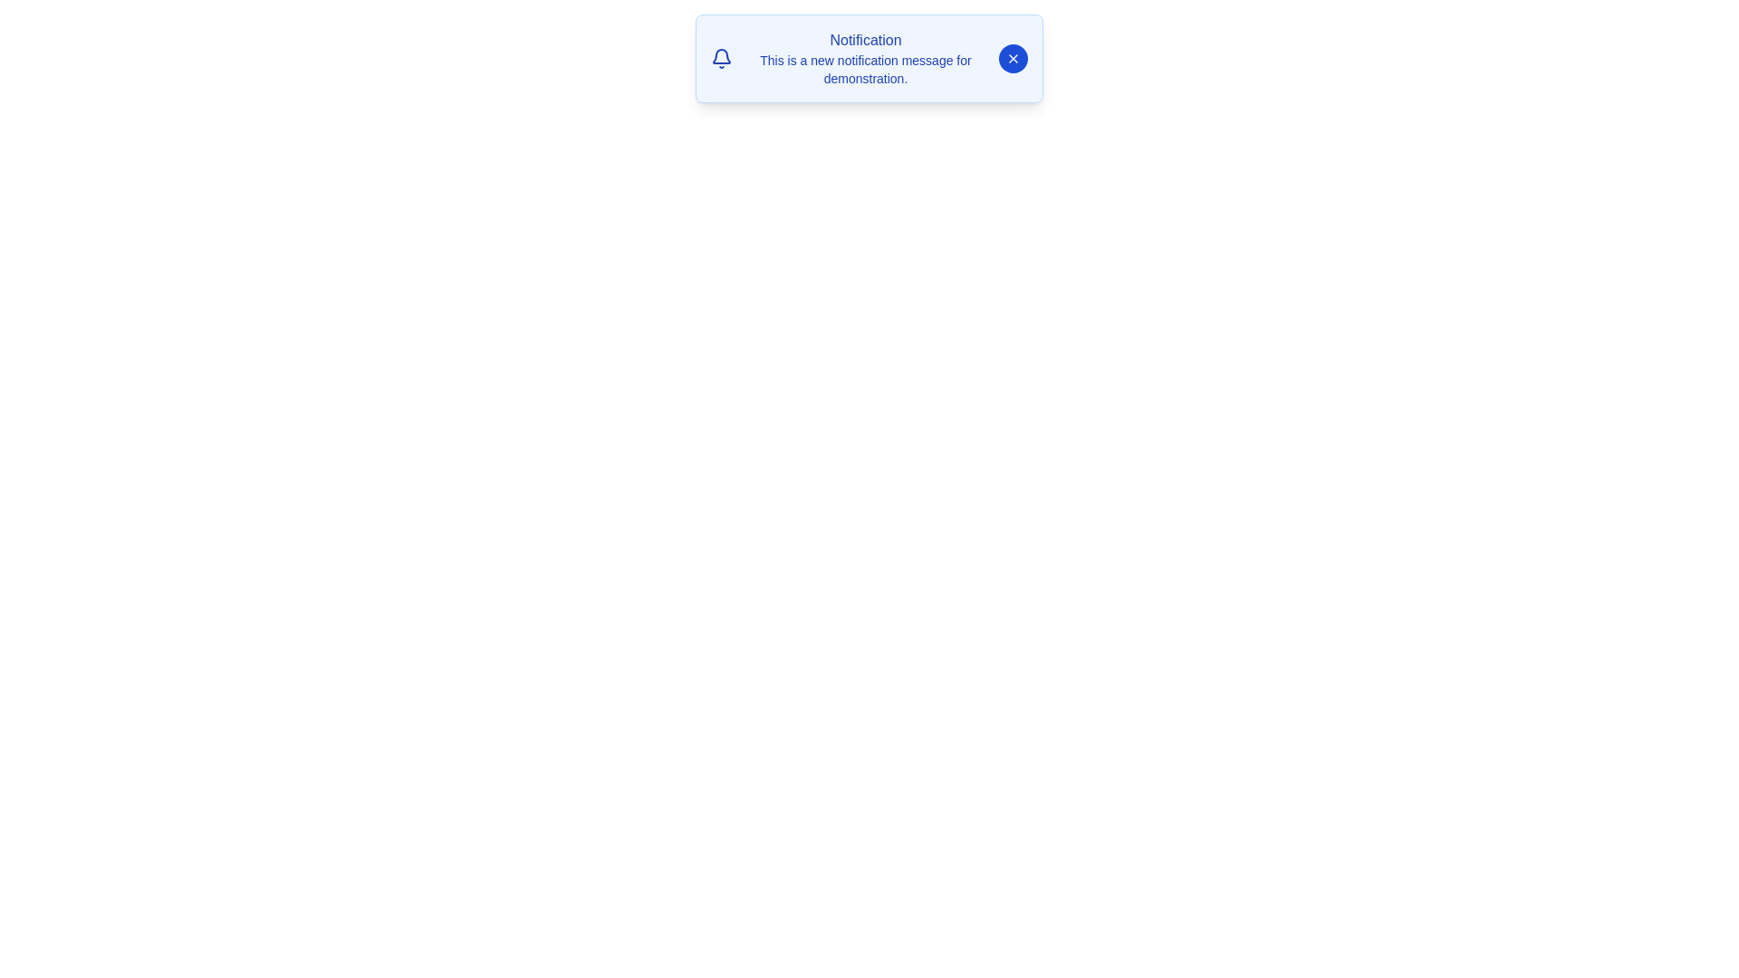 The image size is (1739, 978). I want to click on the stylized 'X' icon button, which is centered within a circular blue background, so click(1012, 58).